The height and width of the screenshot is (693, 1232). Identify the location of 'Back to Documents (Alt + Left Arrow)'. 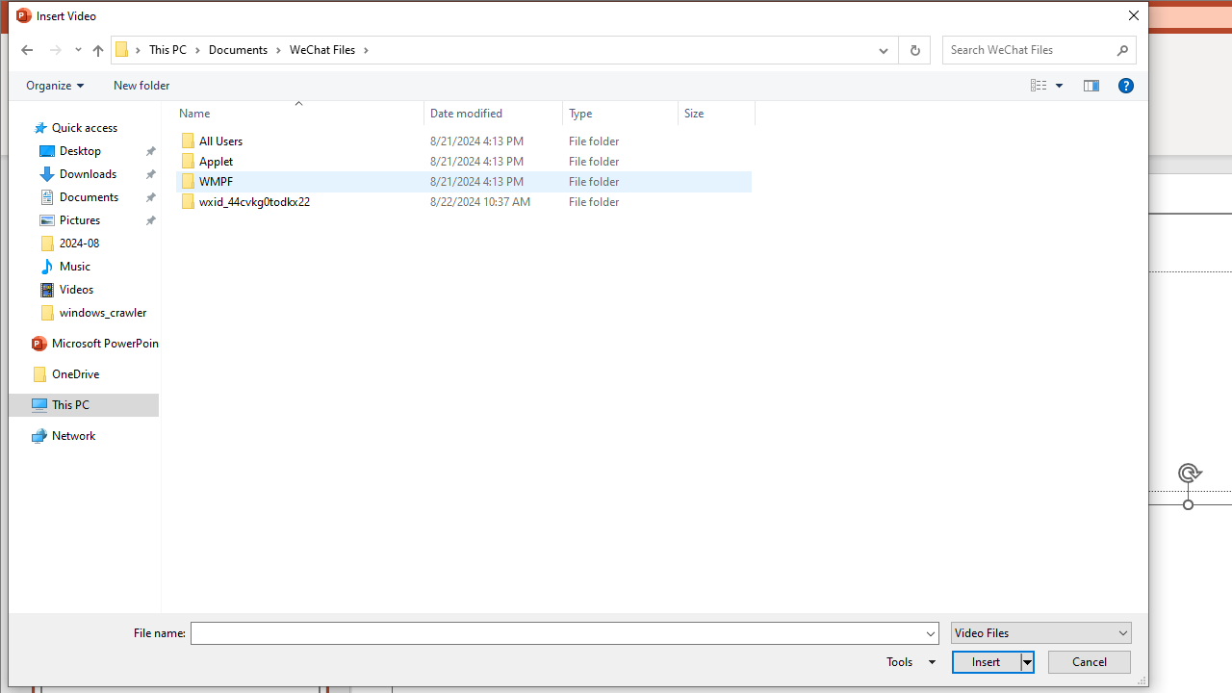
(27, 48).